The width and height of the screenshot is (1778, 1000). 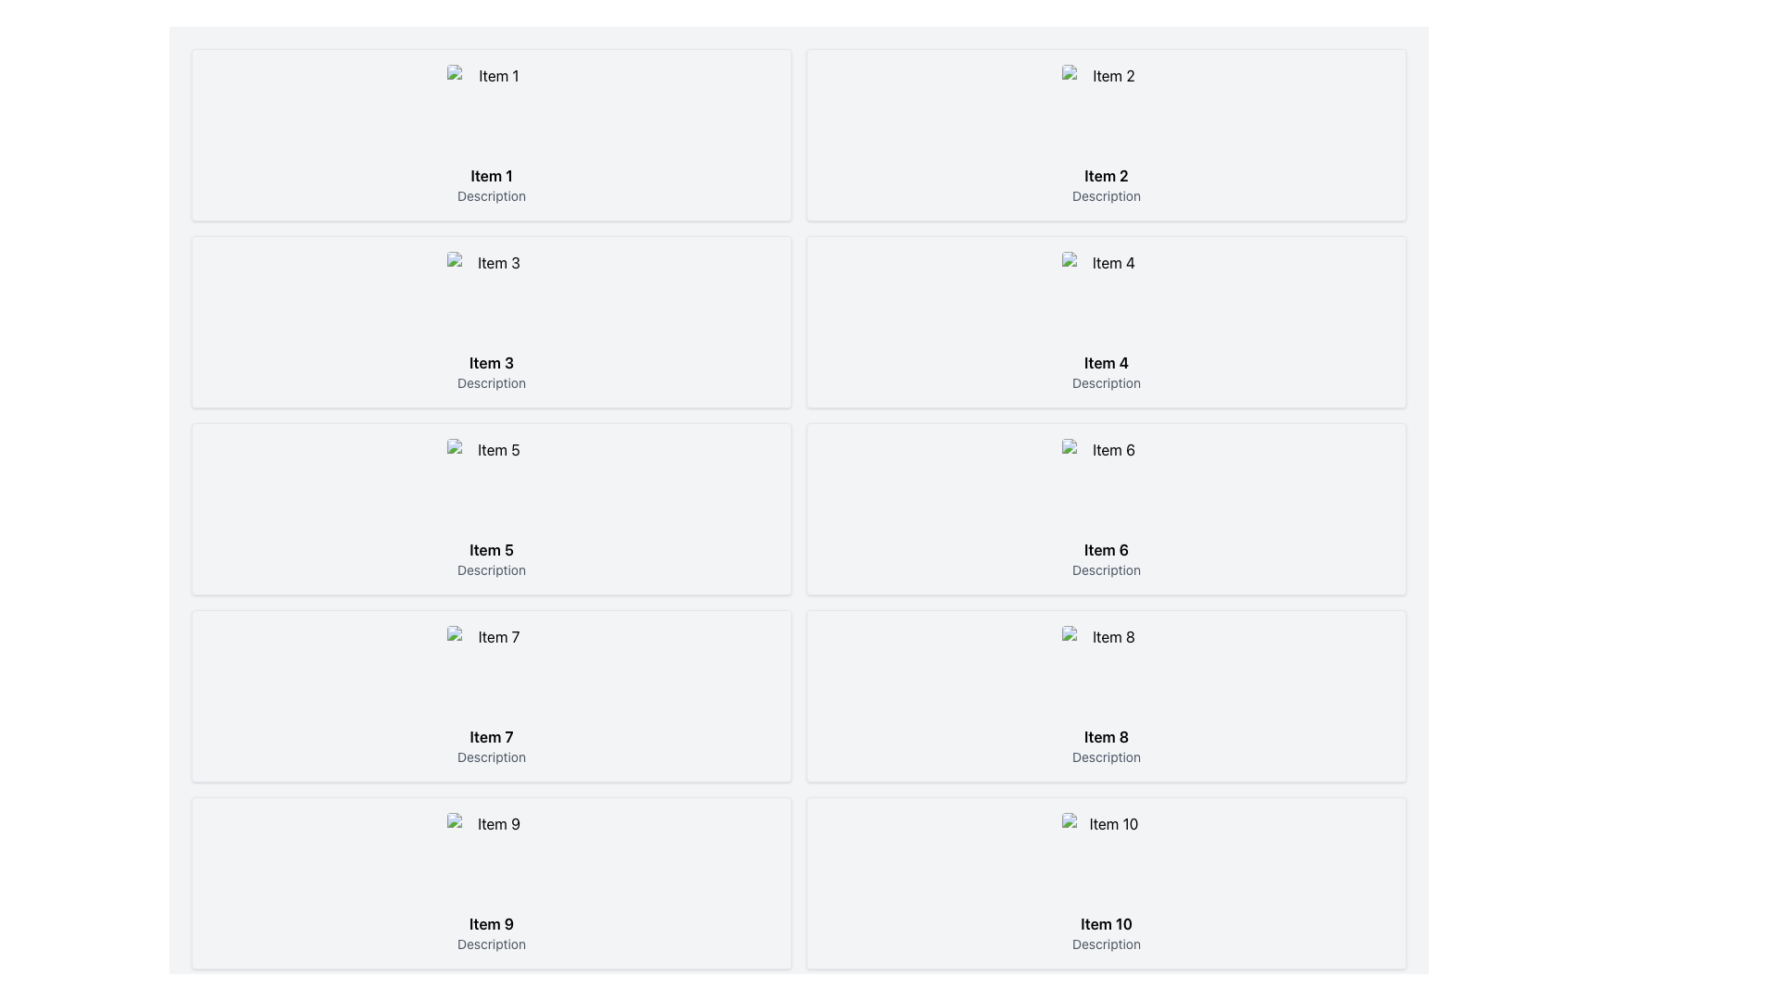 What do you see at coordinates (1107, 756) in the screenshot?
I see `the text label 'Description' located under the heading 'Item 8' to trigger any associated tooltip or highlight` at bounding box center [1107, 756].